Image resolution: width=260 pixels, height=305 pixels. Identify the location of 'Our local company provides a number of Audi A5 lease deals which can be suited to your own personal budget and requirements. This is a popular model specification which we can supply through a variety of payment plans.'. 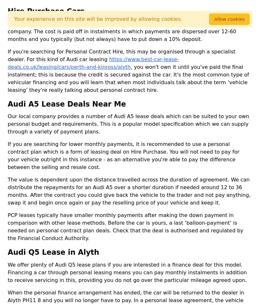
(128, 124).